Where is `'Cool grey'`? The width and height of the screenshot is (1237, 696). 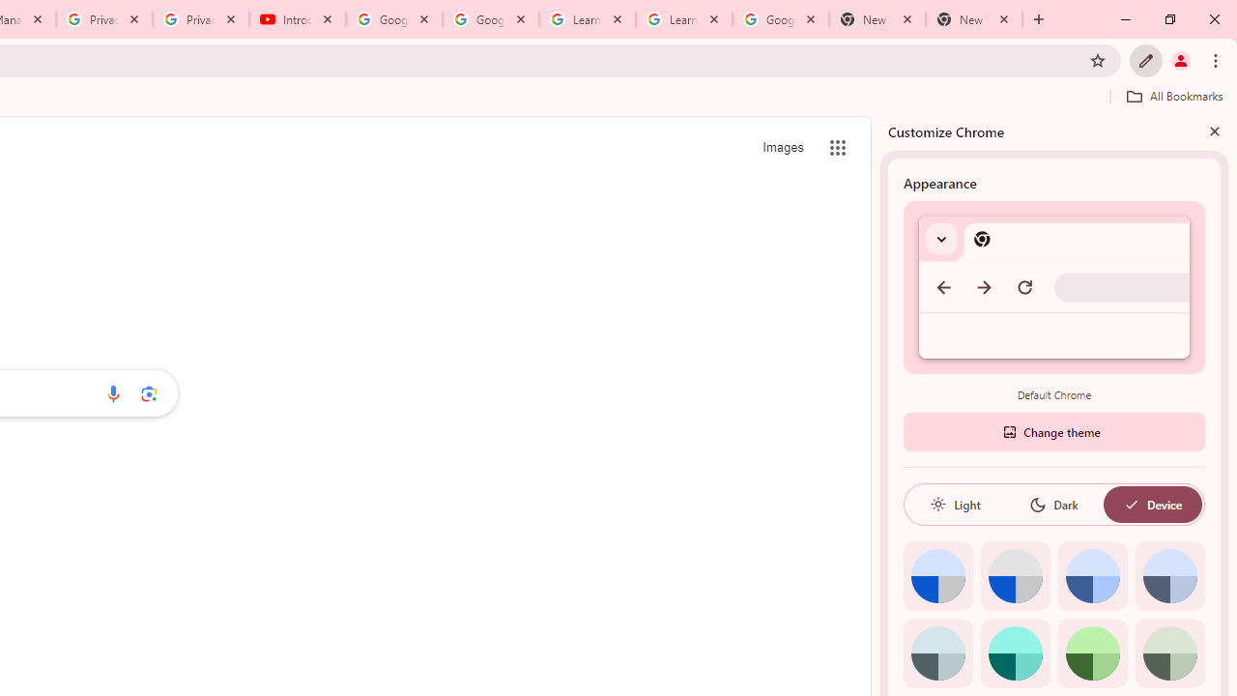
'Cool grey' is located at coordinates (1168, 575).